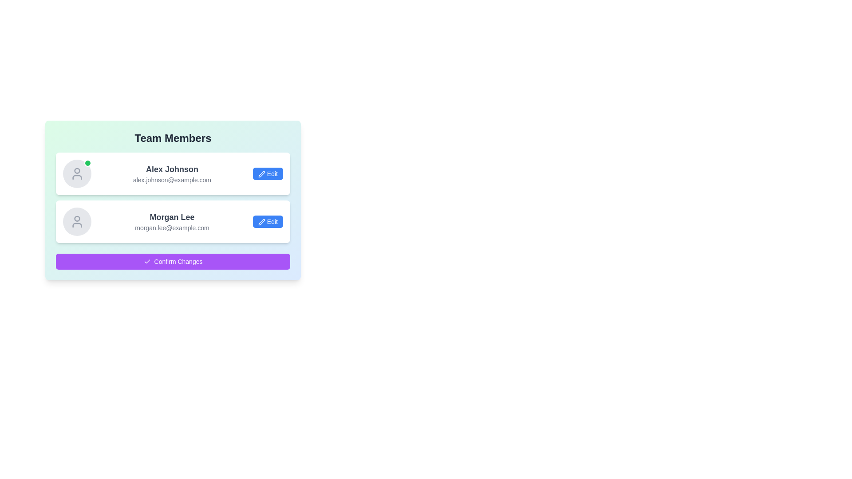  Describe the element at coordinates (77, 177) in the screenshot. I see `the arc-shaped graphical detail that forms the lower part of the user icon for 'Alex Johnson' in the list` at that location.